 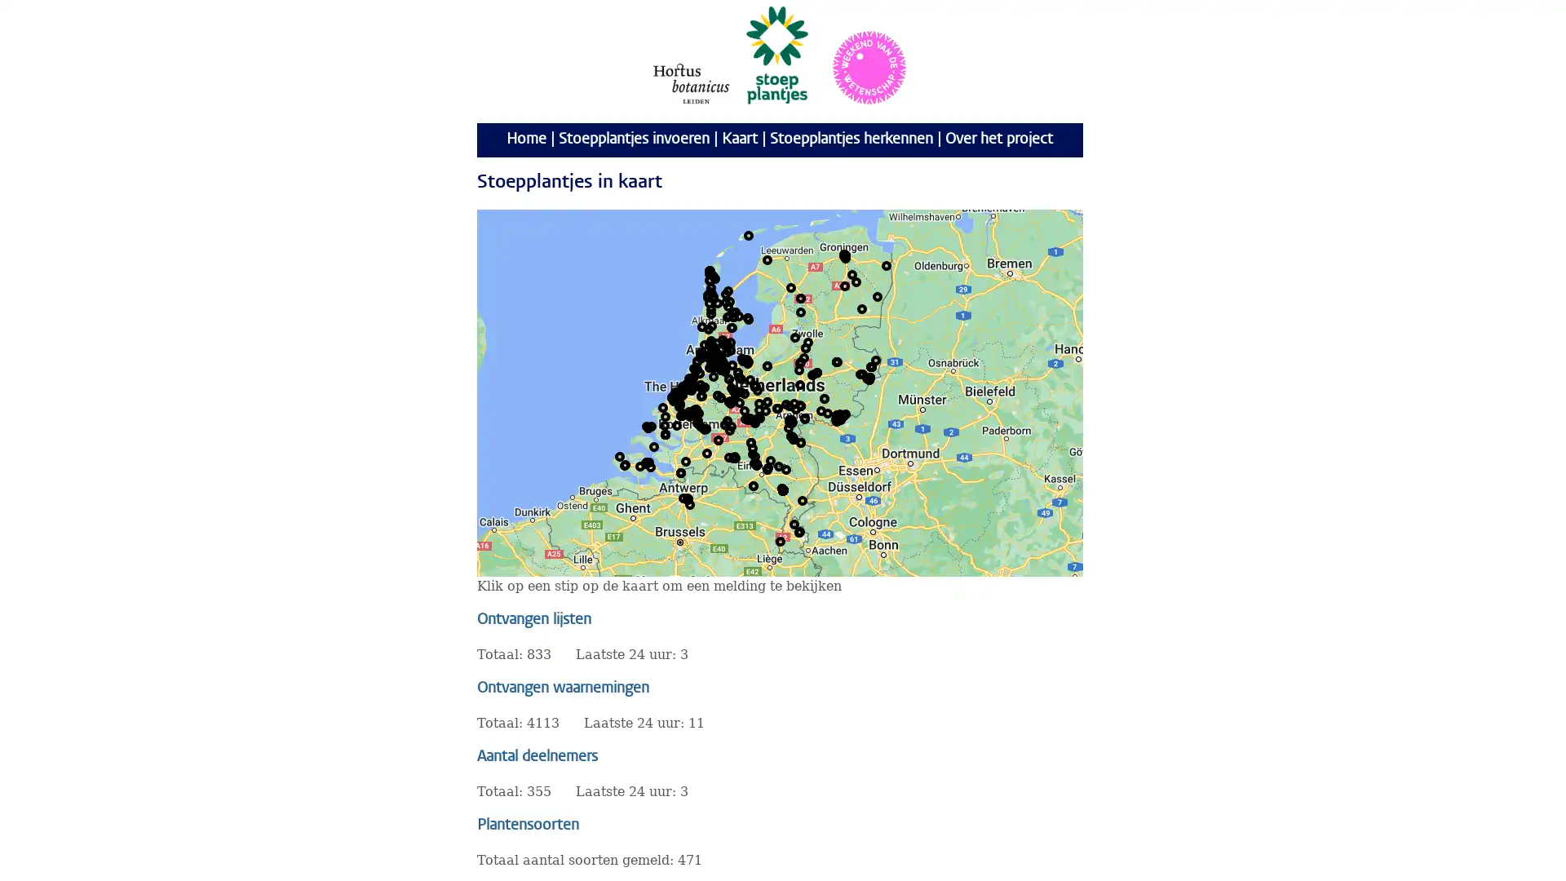 I want to click on Telling van Makaivan op 20 juni 2022, so click(x=728, y=402).